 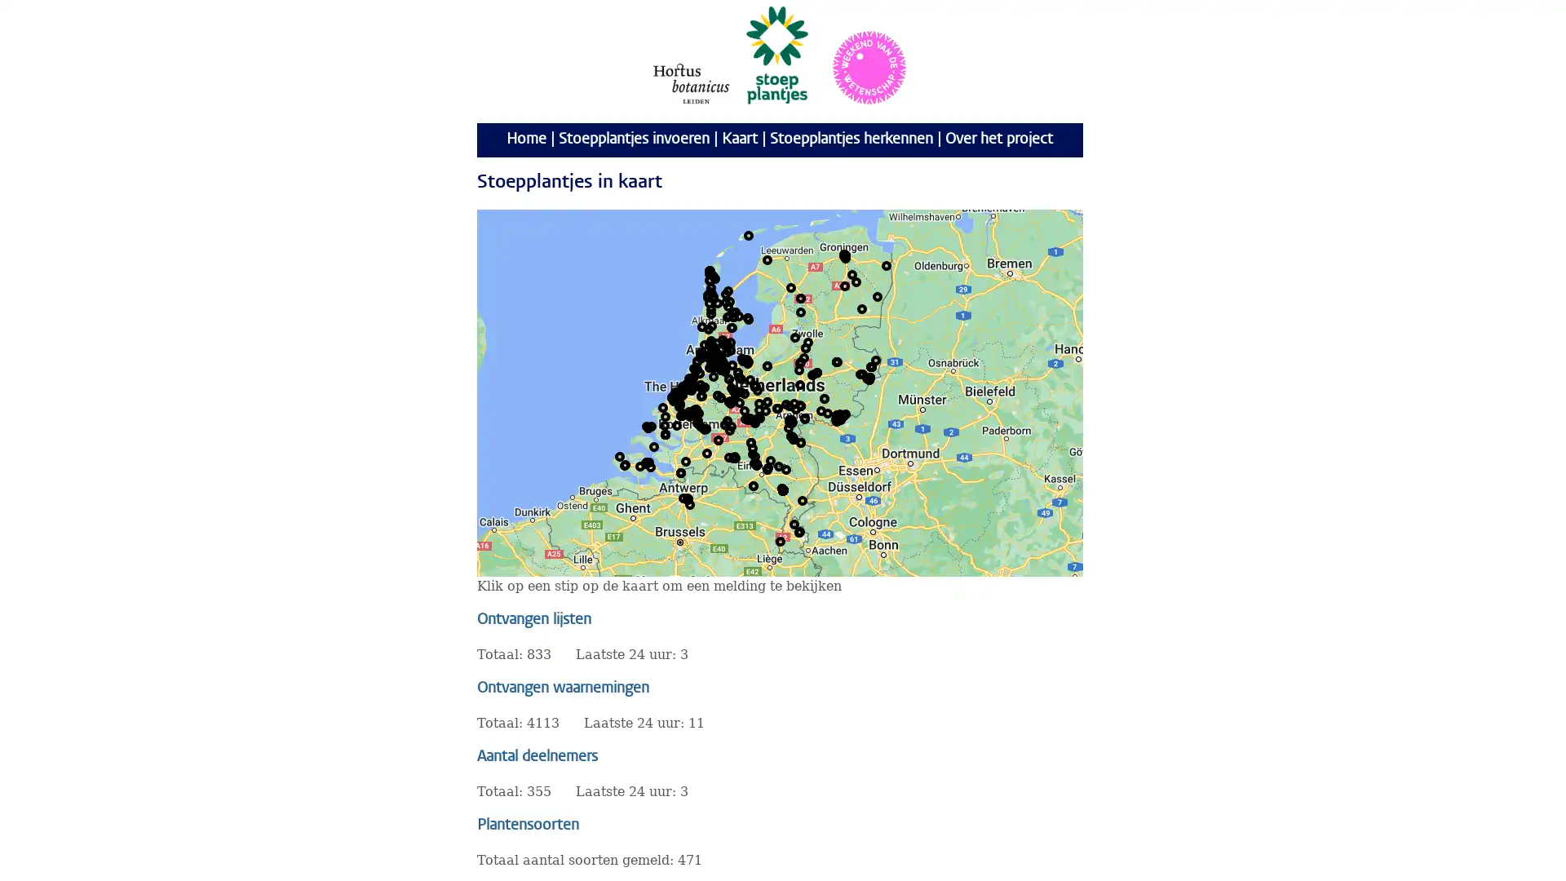 I want to click on Telling van Makaivan op 20 juni 2022, so click(x=728, y=402).